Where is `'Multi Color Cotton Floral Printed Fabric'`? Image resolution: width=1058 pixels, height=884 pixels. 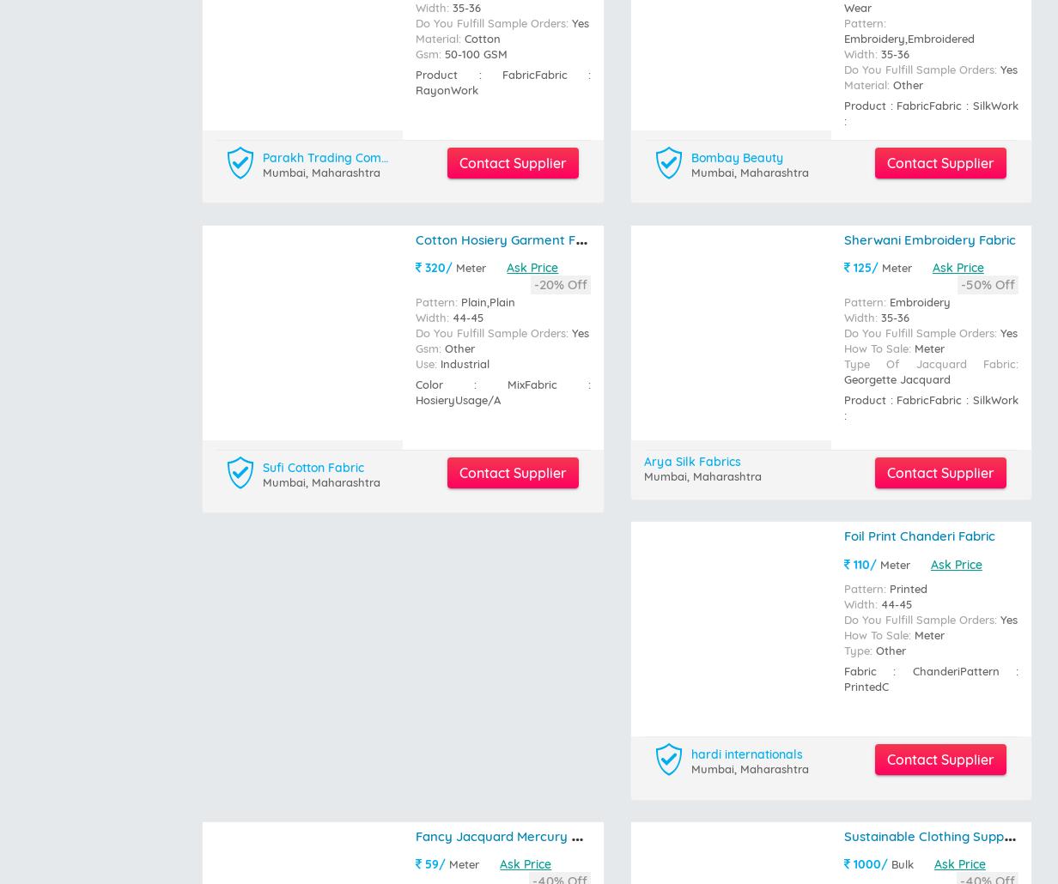 'Multi Color Cotton Floral Printed Fabric' is located at coordinates (533, 449).